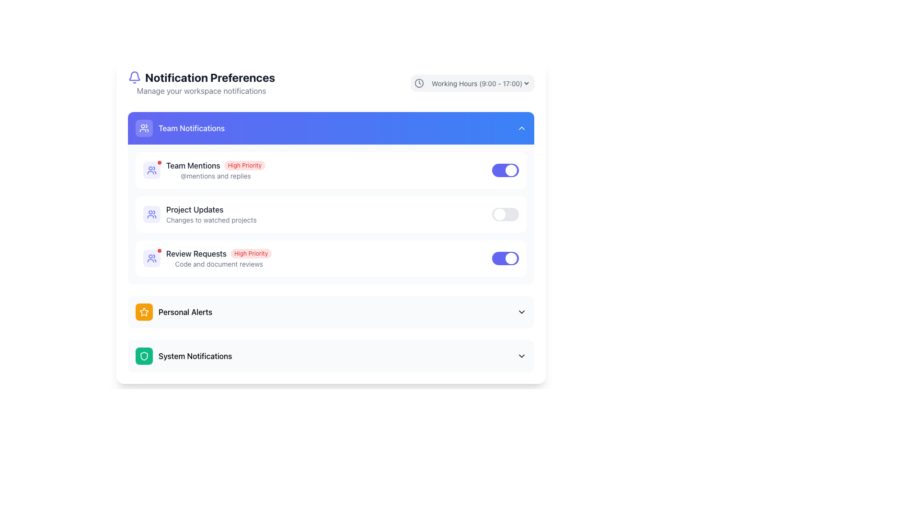 The height and width of the screenshot is (517, 920). What do you see at coordinates (211, 209) in the screenshot?
I see `the text label reading 'Project Updates'` at bounding box center [211, 209].